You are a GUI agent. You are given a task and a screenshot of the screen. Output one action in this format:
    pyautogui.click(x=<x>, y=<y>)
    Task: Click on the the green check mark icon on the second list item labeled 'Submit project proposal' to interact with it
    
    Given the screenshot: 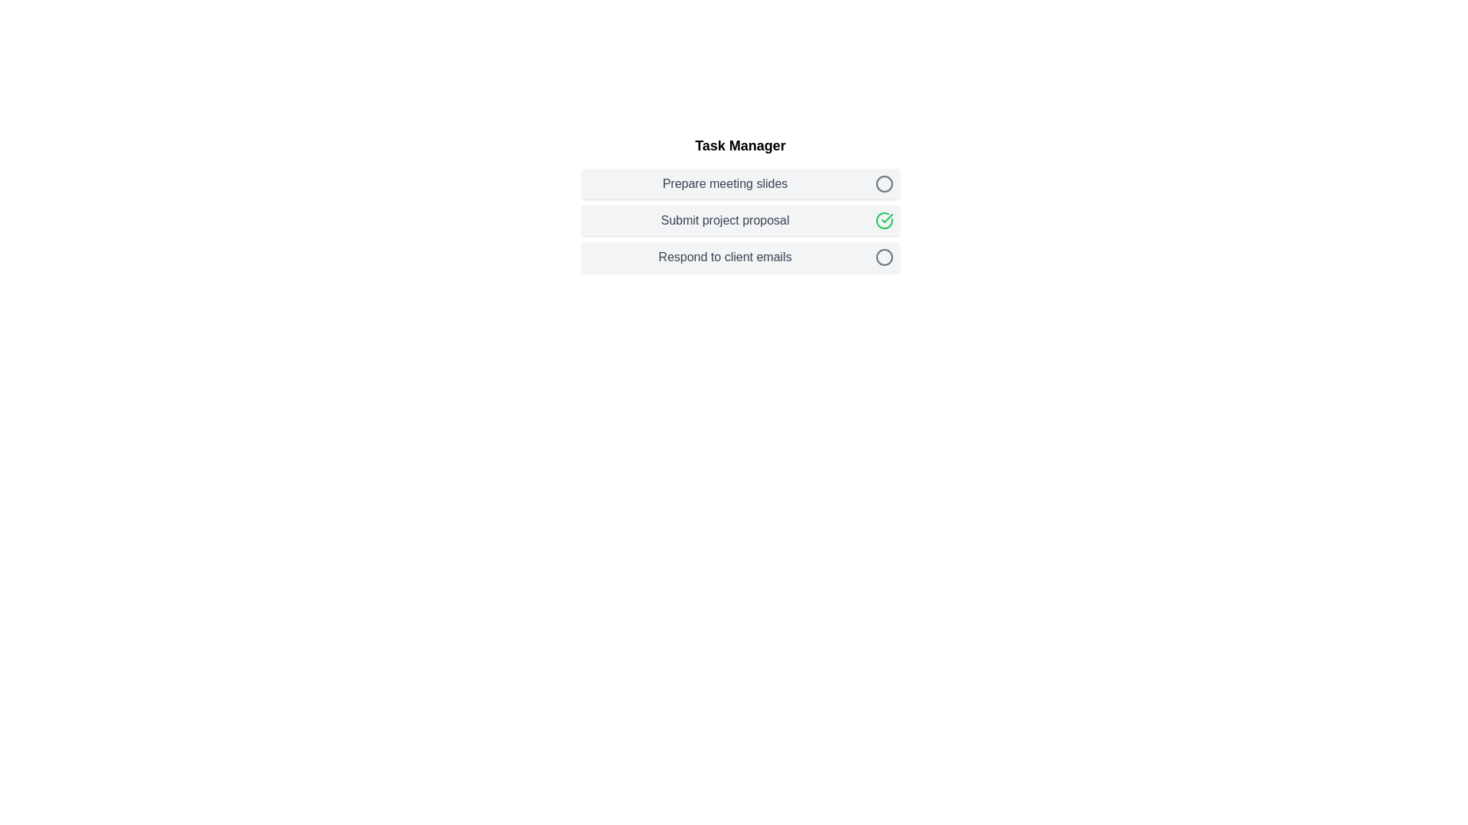 What is the action you would take?
    pyautogui.click(x=740, y=221)
    